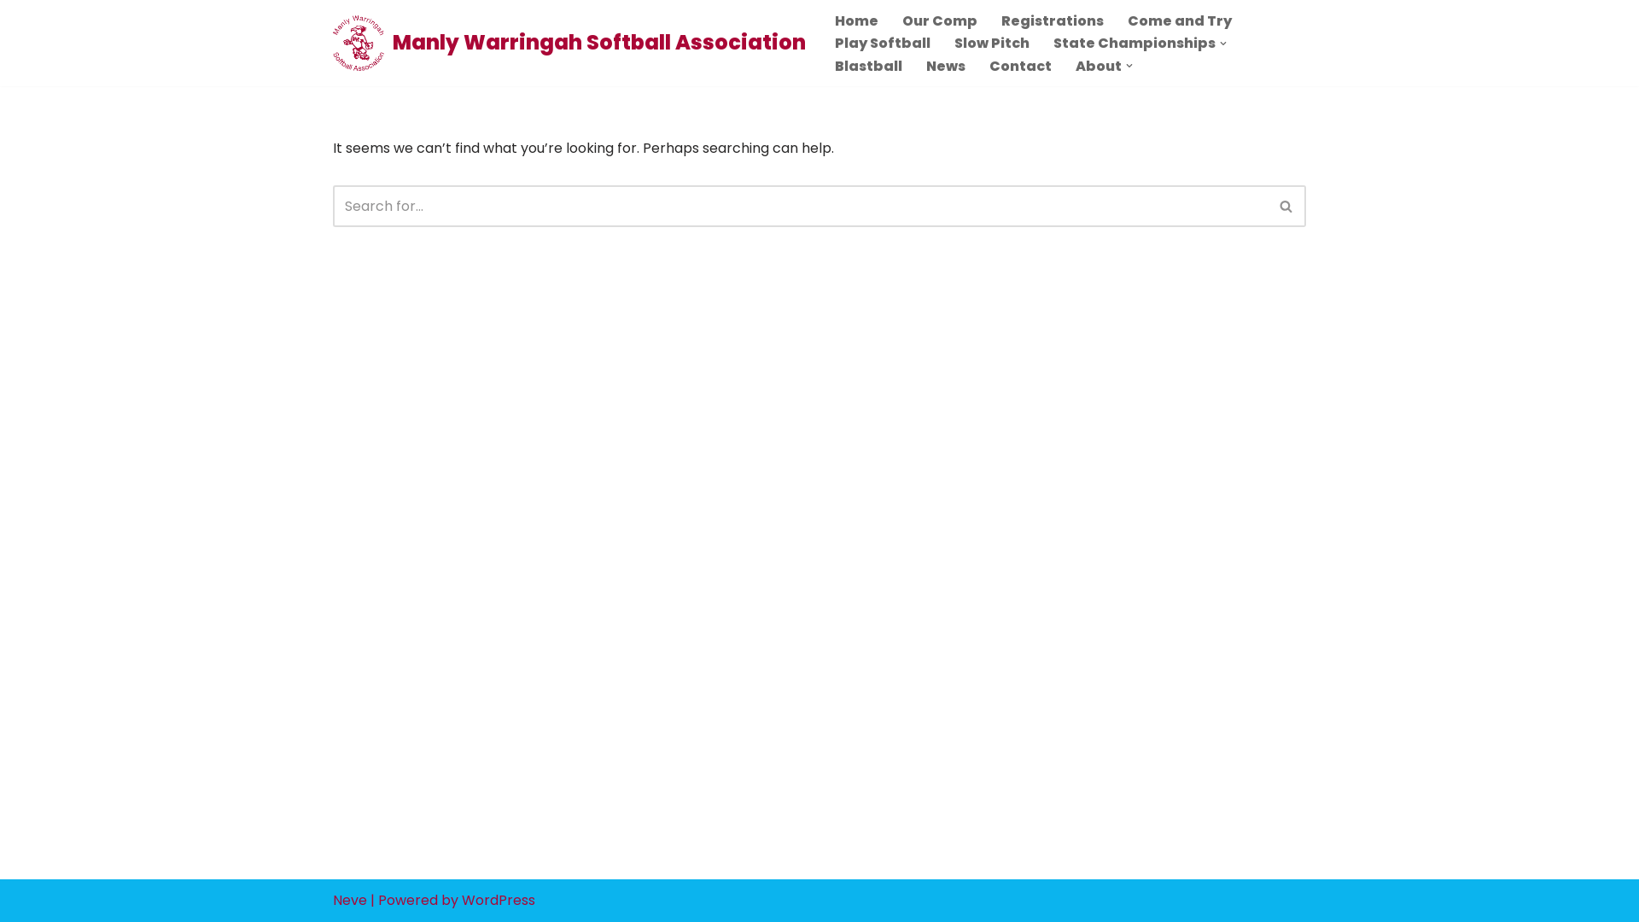 The height and width of the screenshot is (922, 1639). What do you see at coordinates (991, 42) in the screenshot?
I see `'Slow Pitch'` at bounding box center [991, 42].